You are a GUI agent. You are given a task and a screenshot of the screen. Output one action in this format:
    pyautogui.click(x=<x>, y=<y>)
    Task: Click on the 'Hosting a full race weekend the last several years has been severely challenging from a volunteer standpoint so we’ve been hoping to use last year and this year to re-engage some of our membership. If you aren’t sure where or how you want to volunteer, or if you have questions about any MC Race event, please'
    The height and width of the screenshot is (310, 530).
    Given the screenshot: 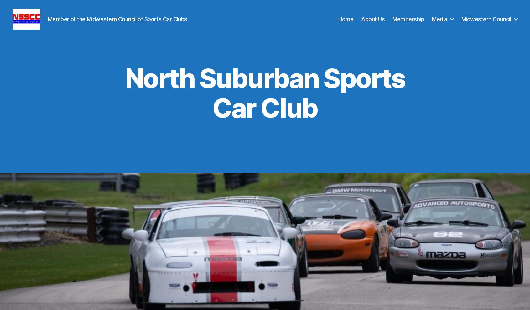 What is the action you would take?
    pyautogui.click(x=266, y=257)
    